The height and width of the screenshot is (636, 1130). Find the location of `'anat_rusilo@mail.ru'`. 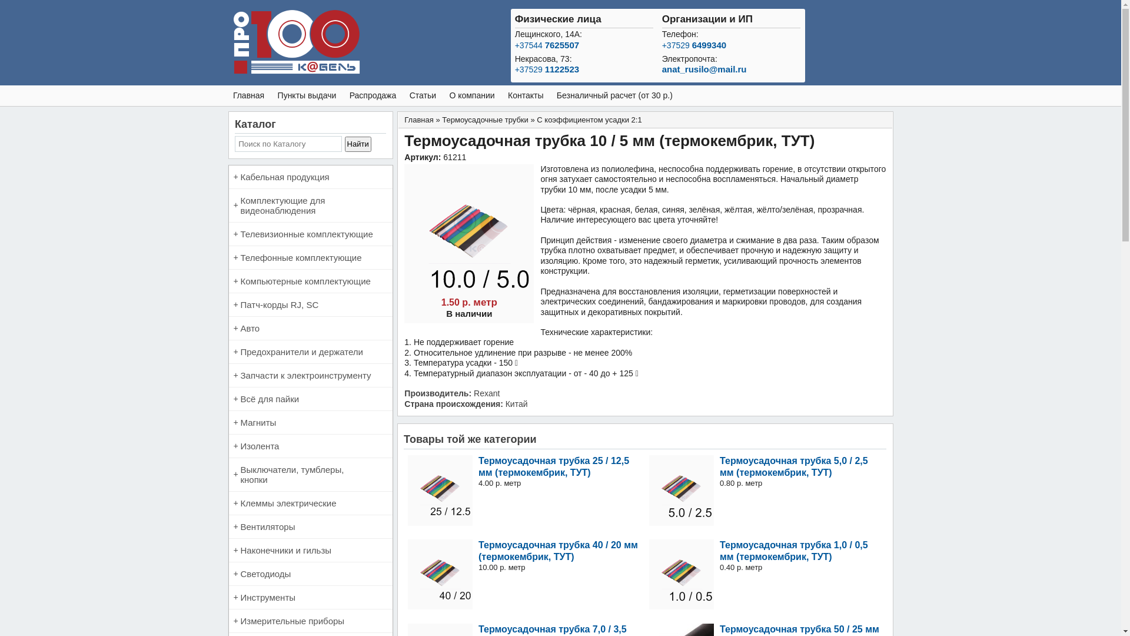

'anat_rusilo@mail.ru' is located at coordinates (704, 69).